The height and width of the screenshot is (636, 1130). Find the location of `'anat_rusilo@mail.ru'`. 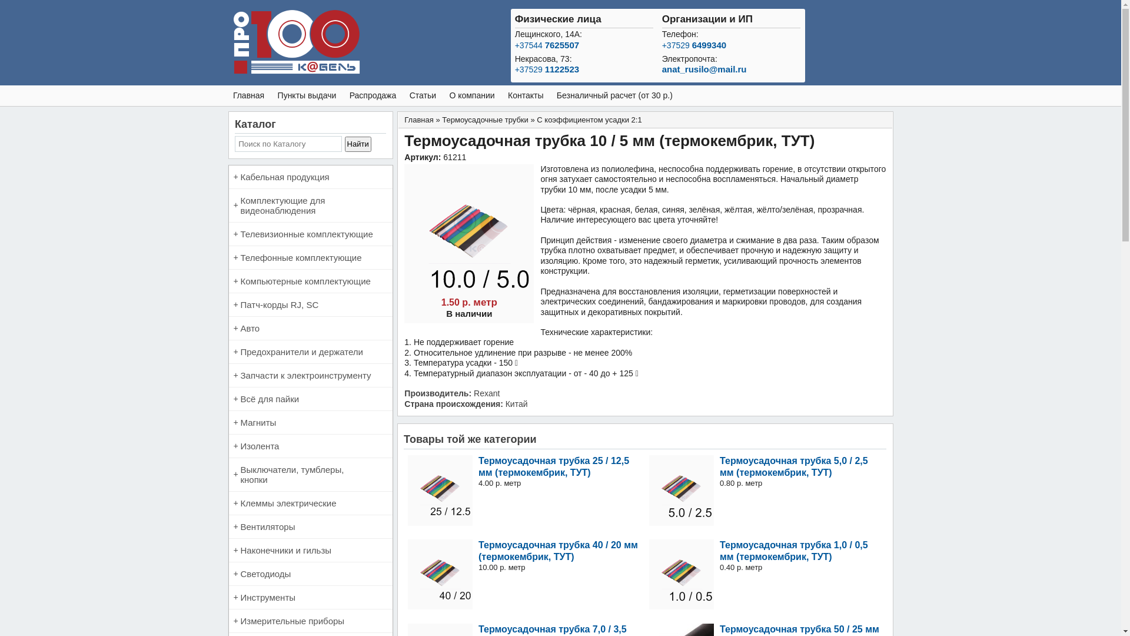

'anat_rusilo@mail.ru' is located at coordinates (704, 69).